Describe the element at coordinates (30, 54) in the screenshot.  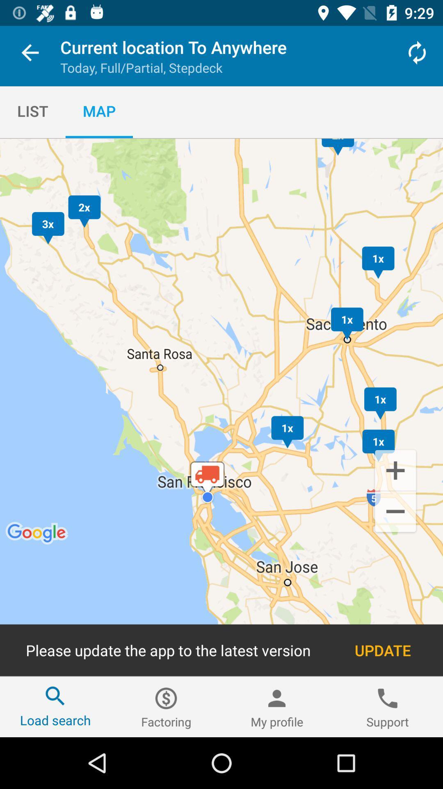
I see `item above list item` at that location.